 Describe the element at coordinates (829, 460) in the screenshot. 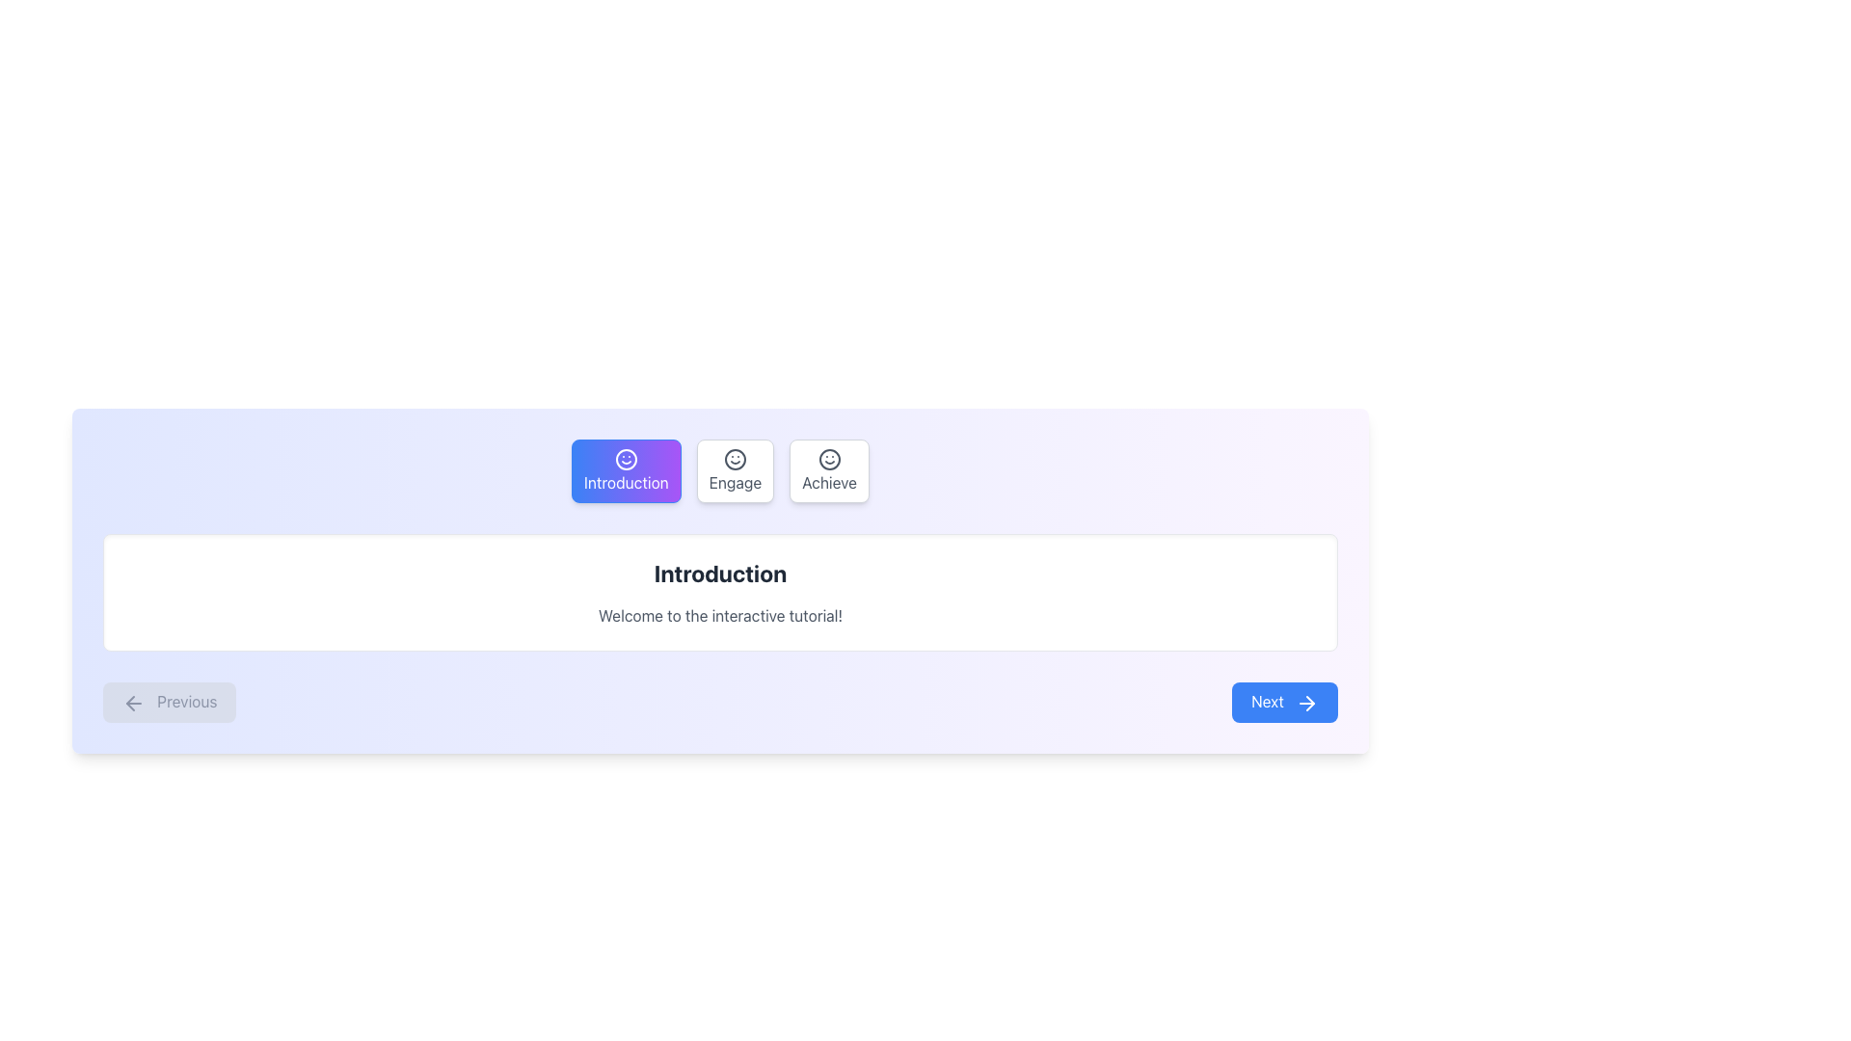

I see `the decorative icon within the 'Achieve' button` at that location.